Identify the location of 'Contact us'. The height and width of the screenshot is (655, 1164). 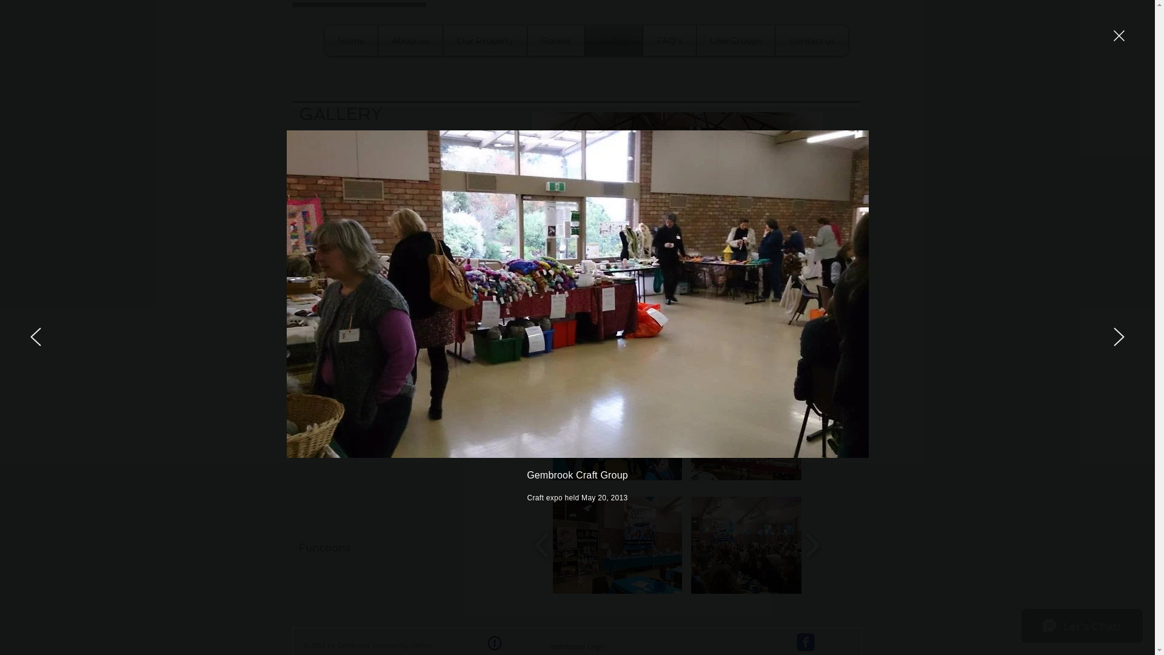
(811, 39).